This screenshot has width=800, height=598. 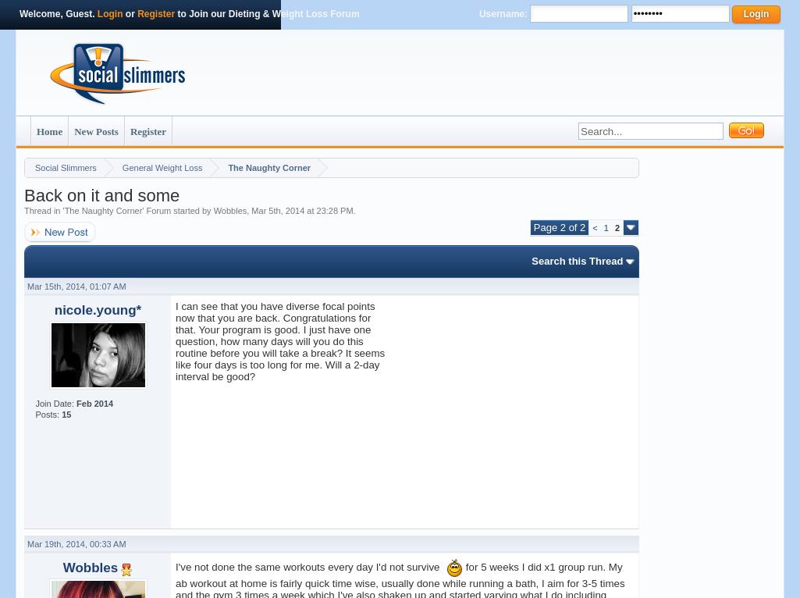 What do you see at coordinates (101, 194) in the screenshot?
I see `'Back on it and some'` at bounding box center [101, 194].